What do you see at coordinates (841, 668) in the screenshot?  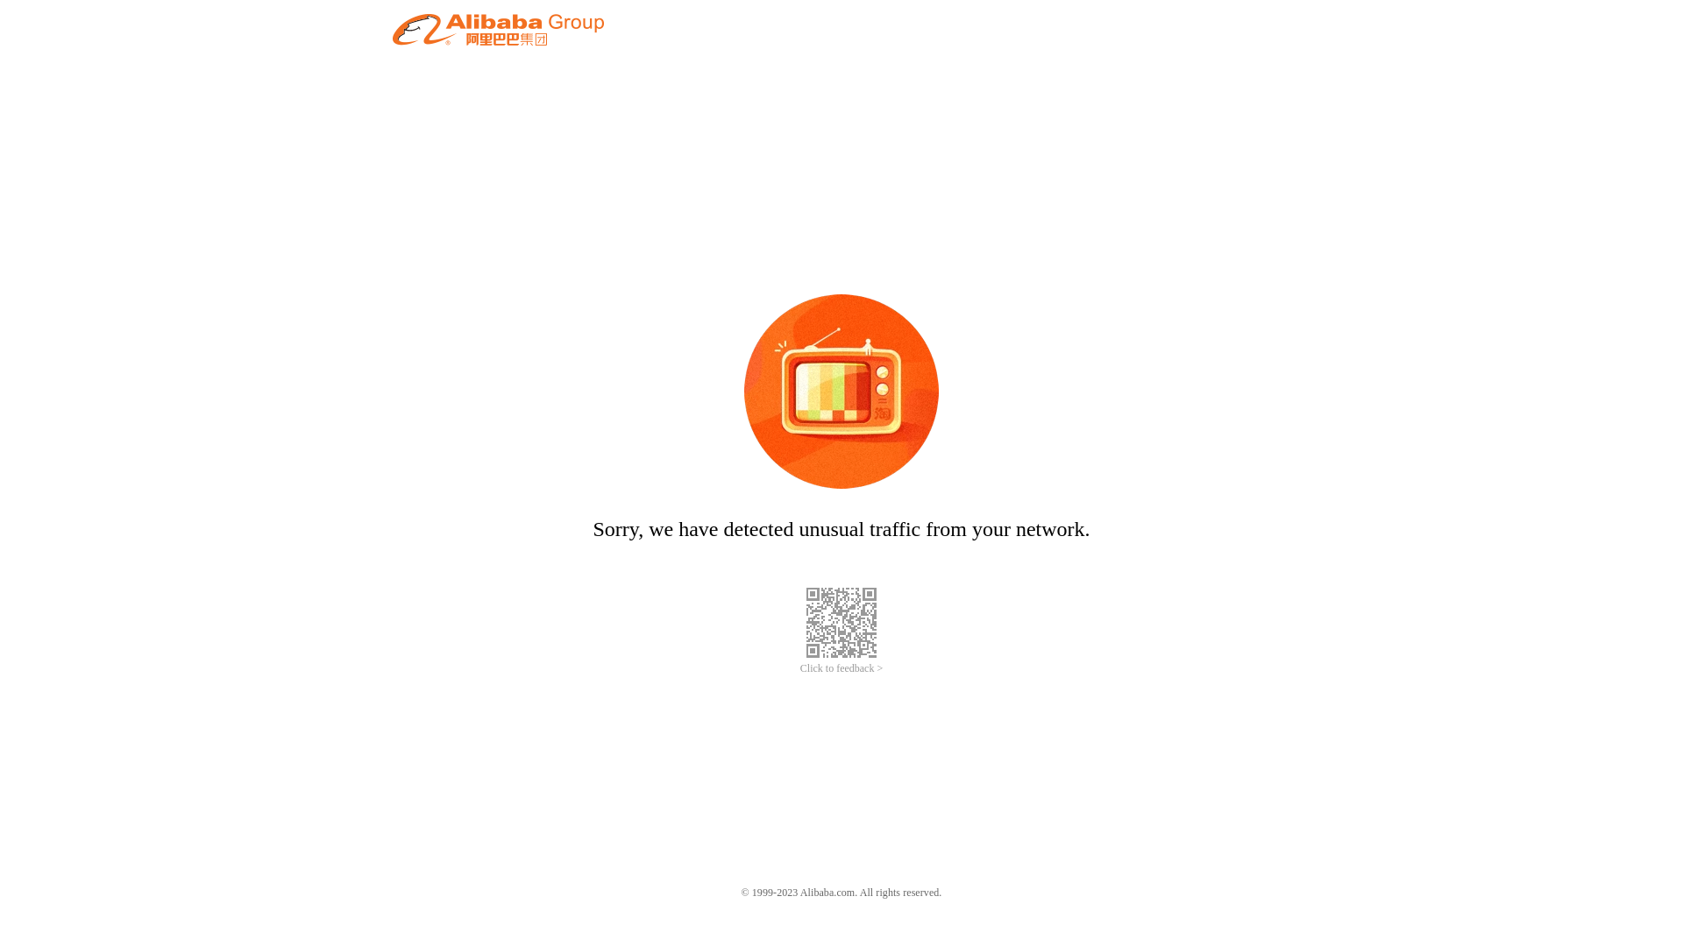 I see `'Click to feedback >'` at bounding box center [841, 668].